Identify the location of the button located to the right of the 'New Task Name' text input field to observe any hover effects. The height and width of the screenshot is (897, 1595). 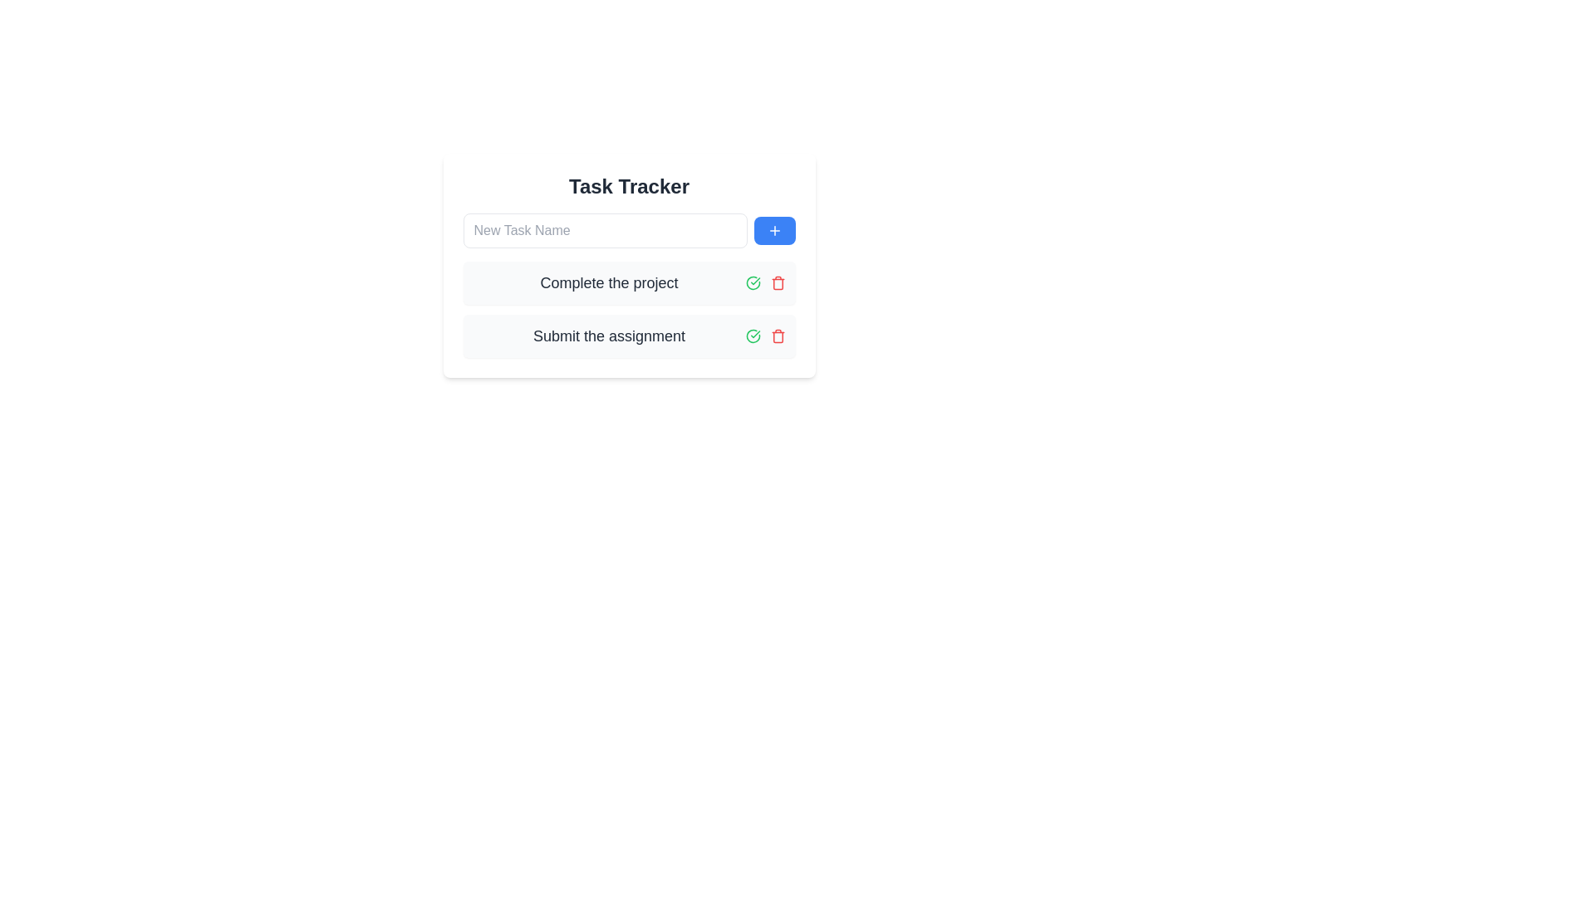
(773, 230).